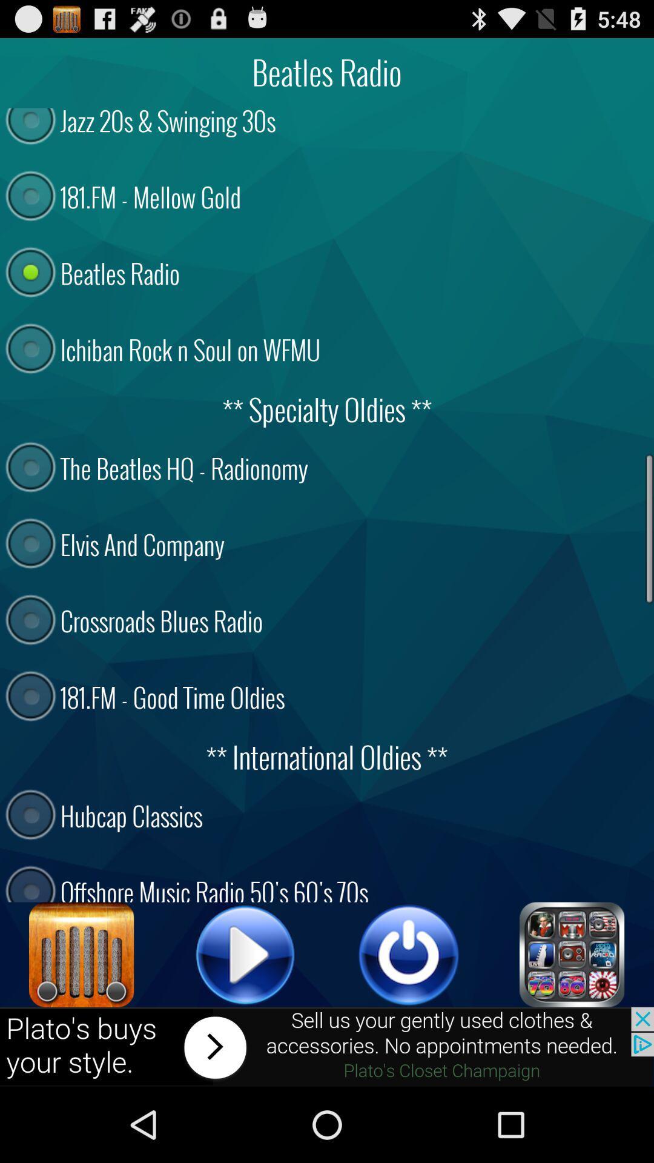  Describe the element at coordinates (82, 954) in the screenshot. I see `open radio settings` at that location.